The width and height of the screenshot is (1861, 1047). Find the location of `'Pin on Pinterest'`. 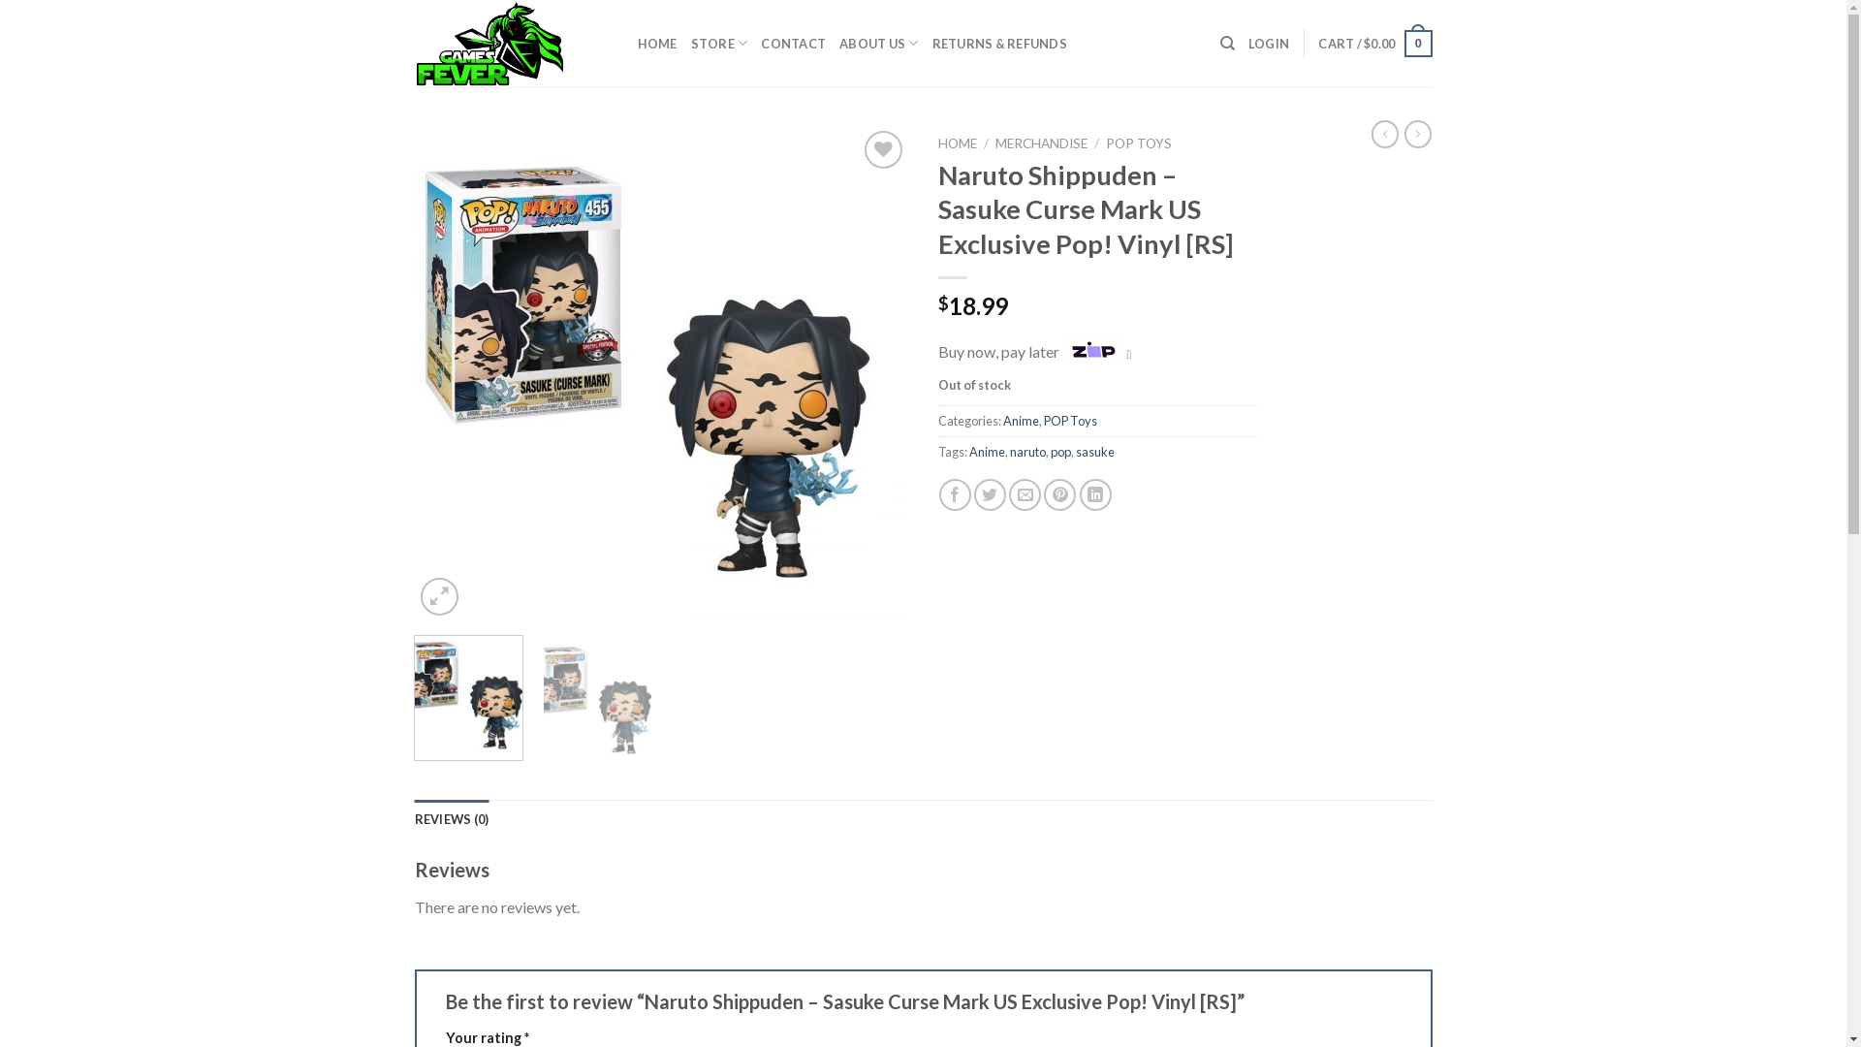

'Pin on Pinterest' is located at coordinates (1058, 493).